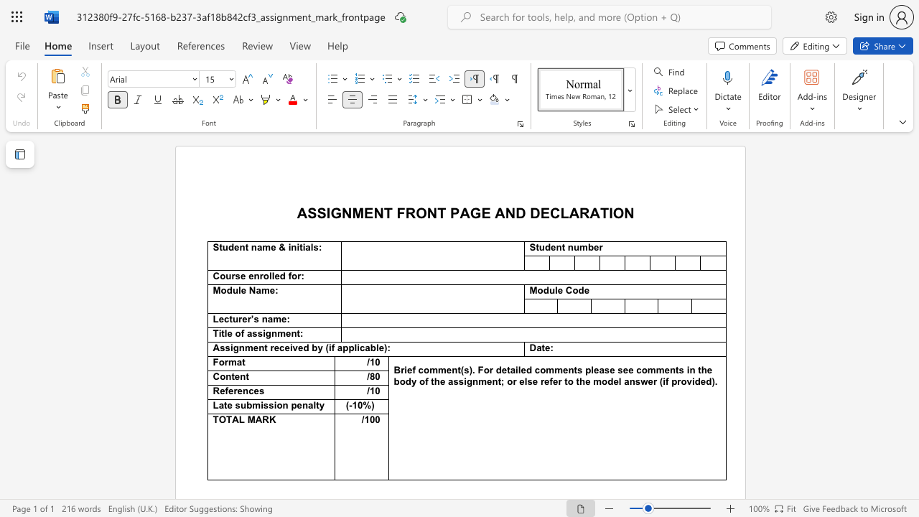 This screenshot has width=919, height=517. I want to click on the subset text "ease see comments in the bo" within the text "Brief comment(s). For detailed comments please see comments in the body of the assignment; or else refer to the model answer (if provided).", so click(594, 369).